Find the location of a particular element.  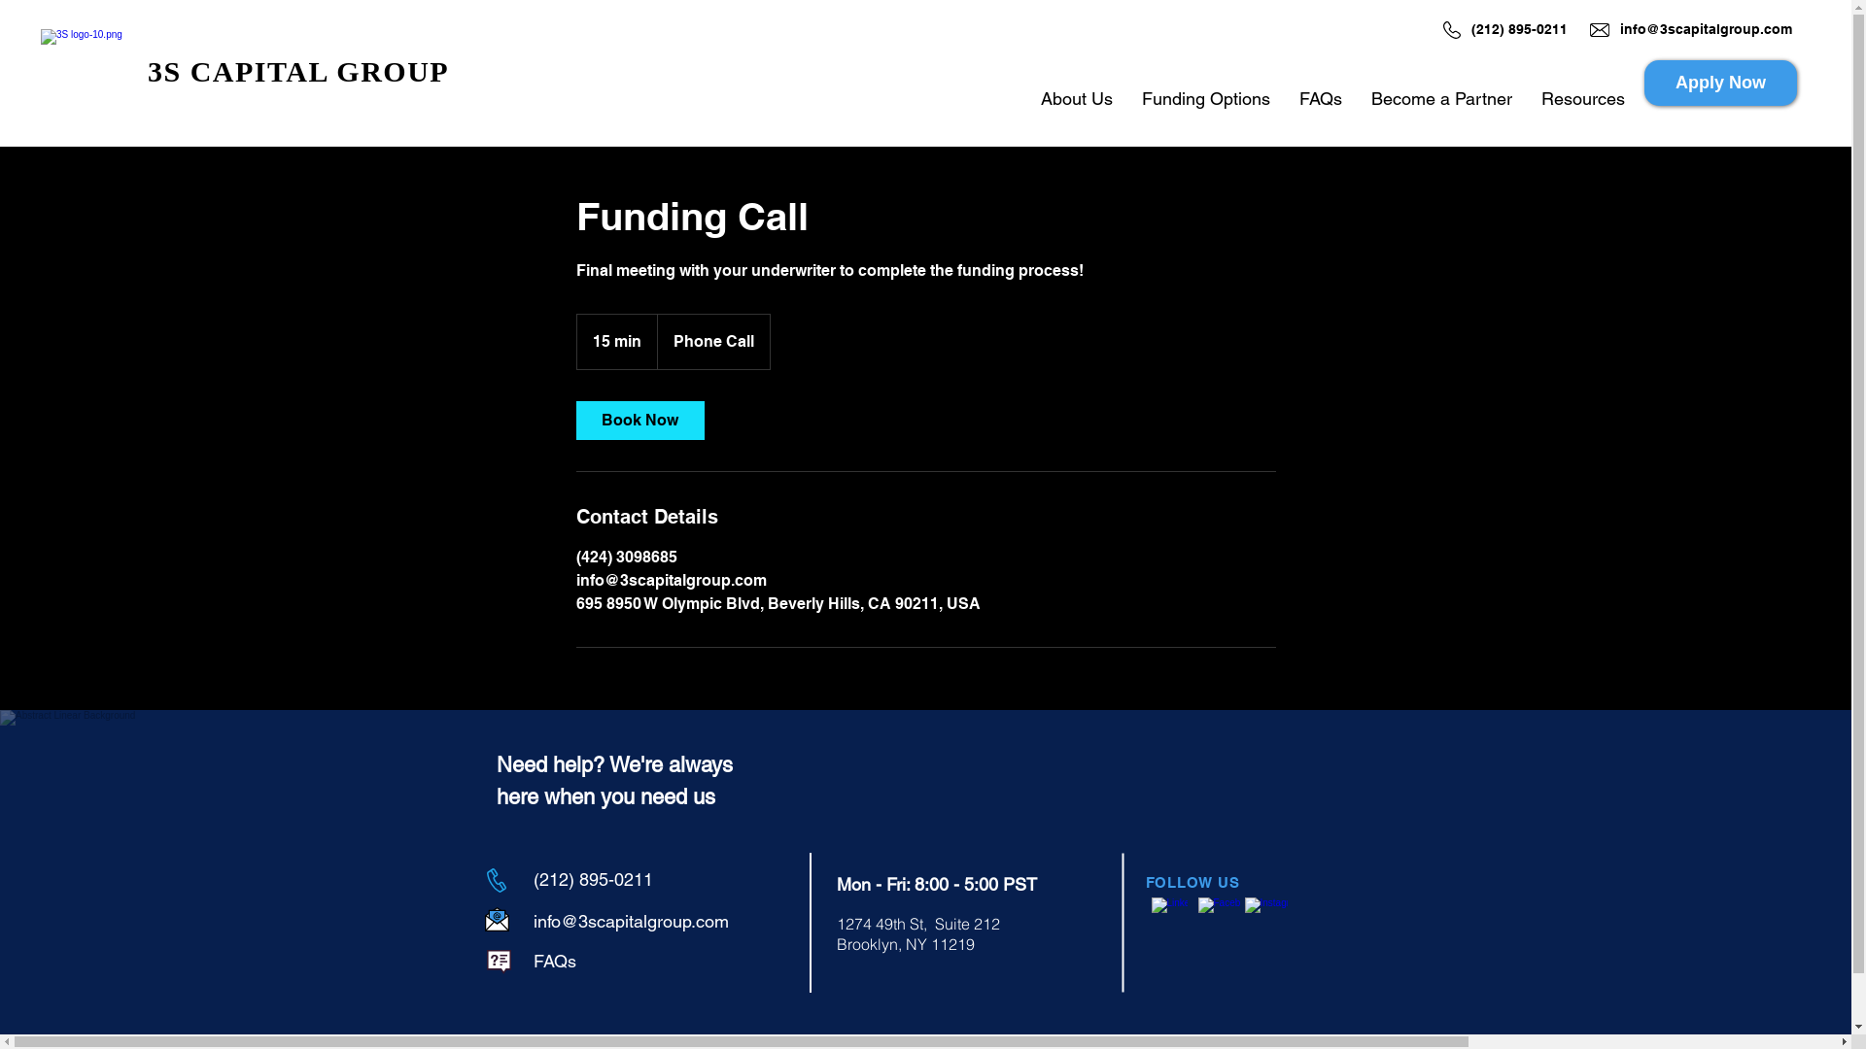

'Become a Partner' is located at coordinates (1441, 98).